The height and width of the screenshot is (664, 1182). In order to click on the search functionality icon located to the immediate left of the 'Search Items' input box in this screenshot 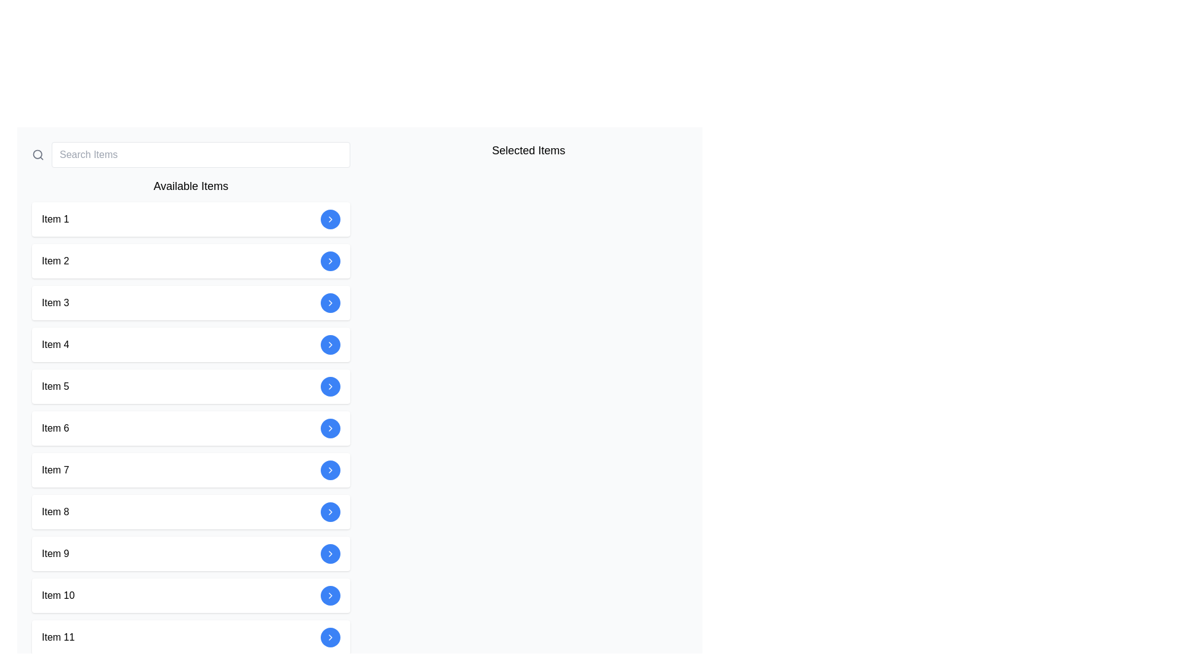, I will do `click(38, 154)`.